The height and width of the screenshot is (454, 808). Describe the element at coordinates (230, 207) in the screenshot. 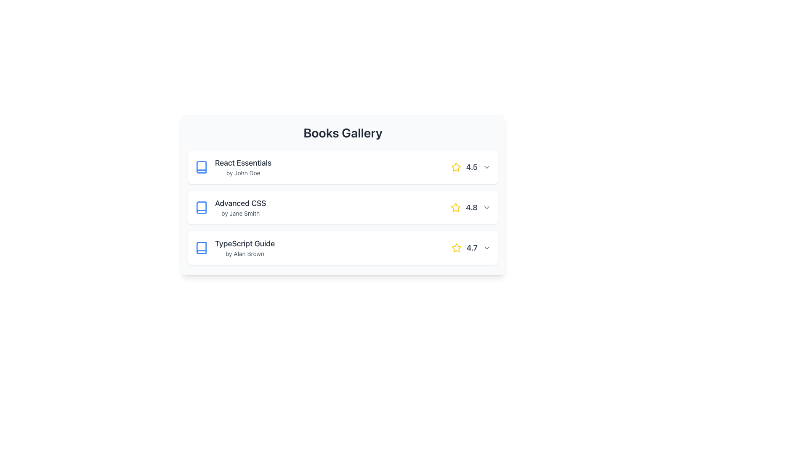

I see `the book entry labeled 'Advanced CSS' by 'Jane Smith'` at that location.